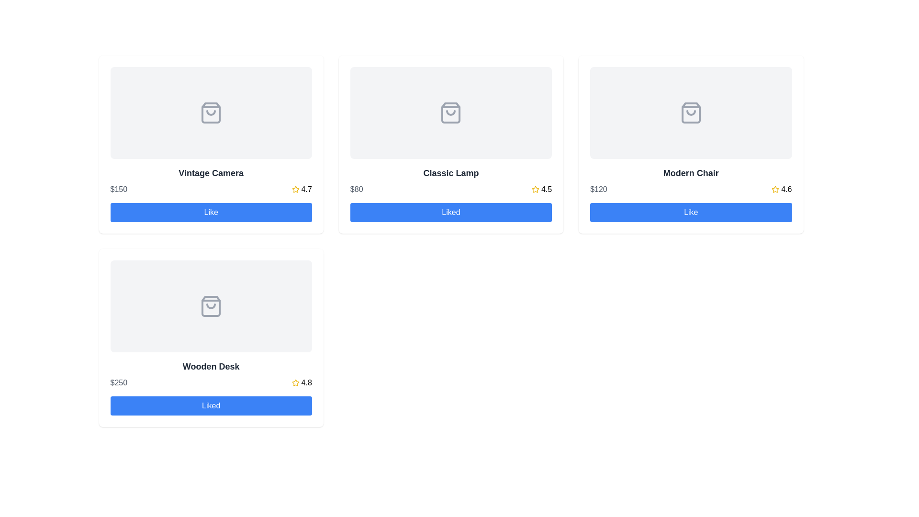  Describe the element at coordinates (691, 112) in the screenshot. I see `the shopping icon located on the third card in the top row of the grid layout for the product 'Modern Chair'` at that location.